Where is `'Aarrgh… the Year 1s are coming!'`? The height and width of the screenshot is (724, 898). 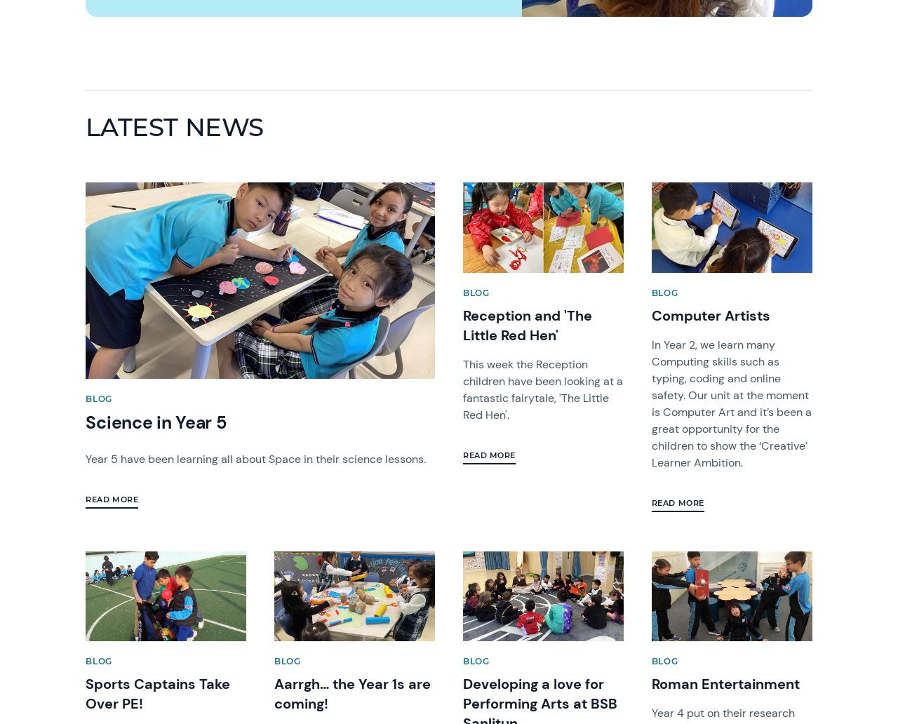 'Aarrgh… the Year 1s are coming!' is located at coordinates (352, 692).